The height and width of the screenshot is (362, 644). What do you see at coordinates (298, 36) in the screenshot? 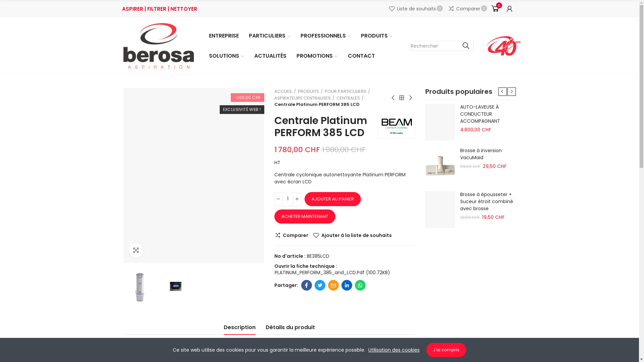
I see `'PROFESSIONNELS'` at bounding box center [298, 36].